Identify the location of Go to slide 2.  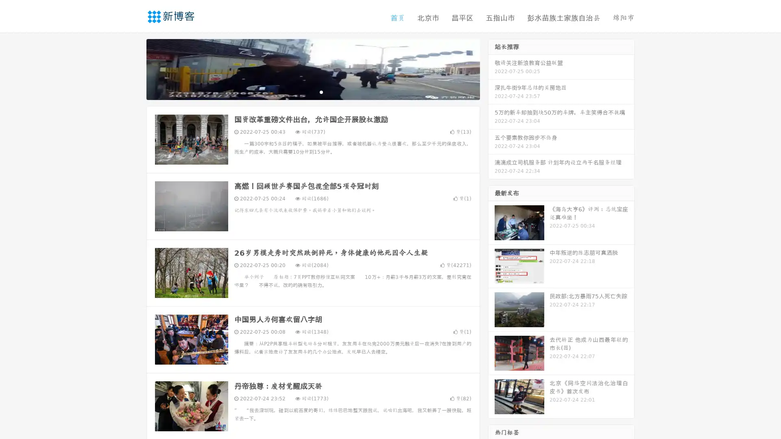
(312, 91).